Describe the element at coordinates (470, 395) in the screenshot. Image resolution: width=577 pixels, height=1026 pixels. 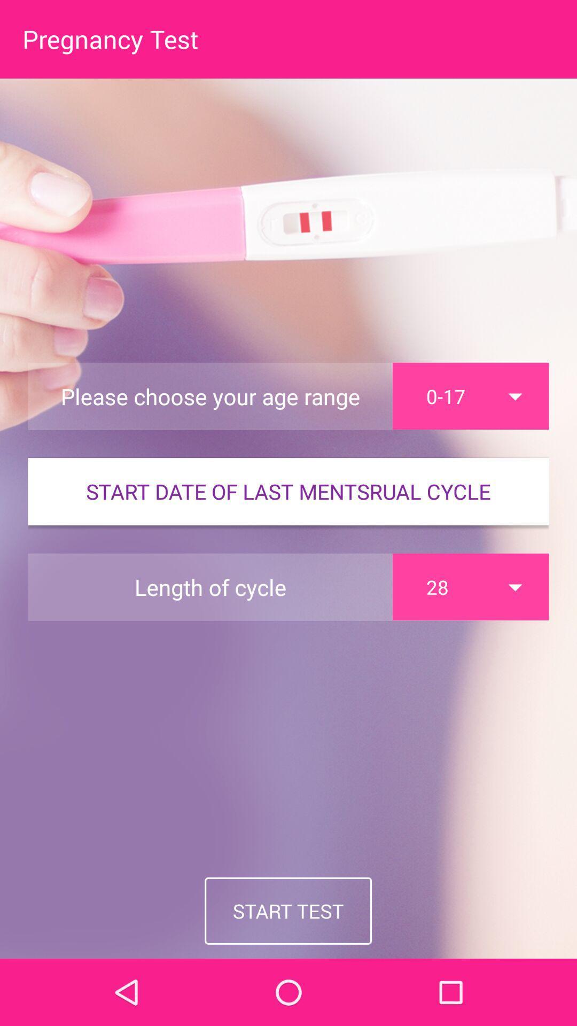
I see `icon above start date of icon` at that location.